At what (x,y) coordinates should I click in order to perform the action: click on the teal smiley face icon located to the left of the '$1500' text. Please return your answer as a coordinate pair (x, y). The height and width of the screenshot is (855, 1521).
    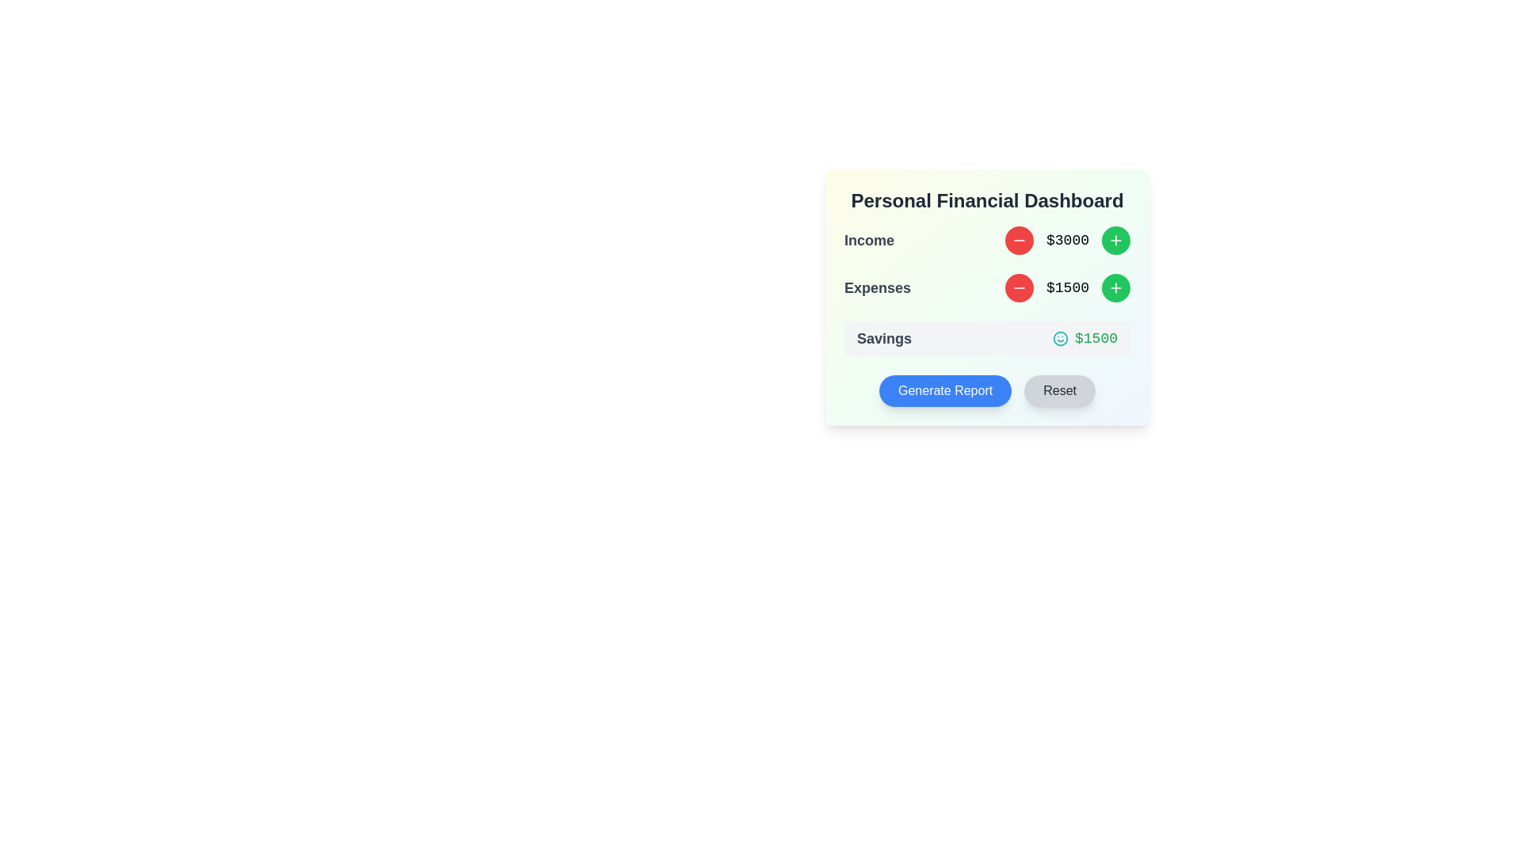
    Looking at the image, I should click on (1061, 338).